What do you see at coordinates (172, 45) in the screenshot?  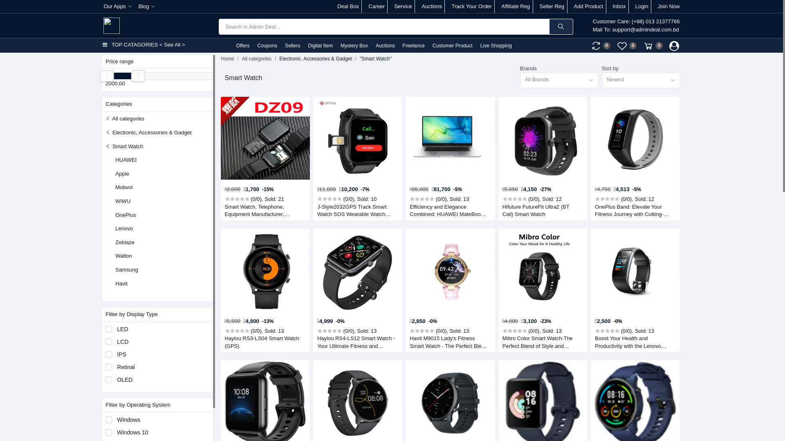 I see `'< See All >'` at bounding box center [172, 45].